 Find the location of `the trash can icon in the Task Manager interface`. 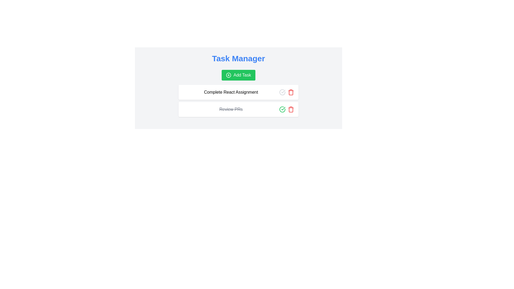

the trash can icon in the Task Manager interface is located at coordinates (290, 92).